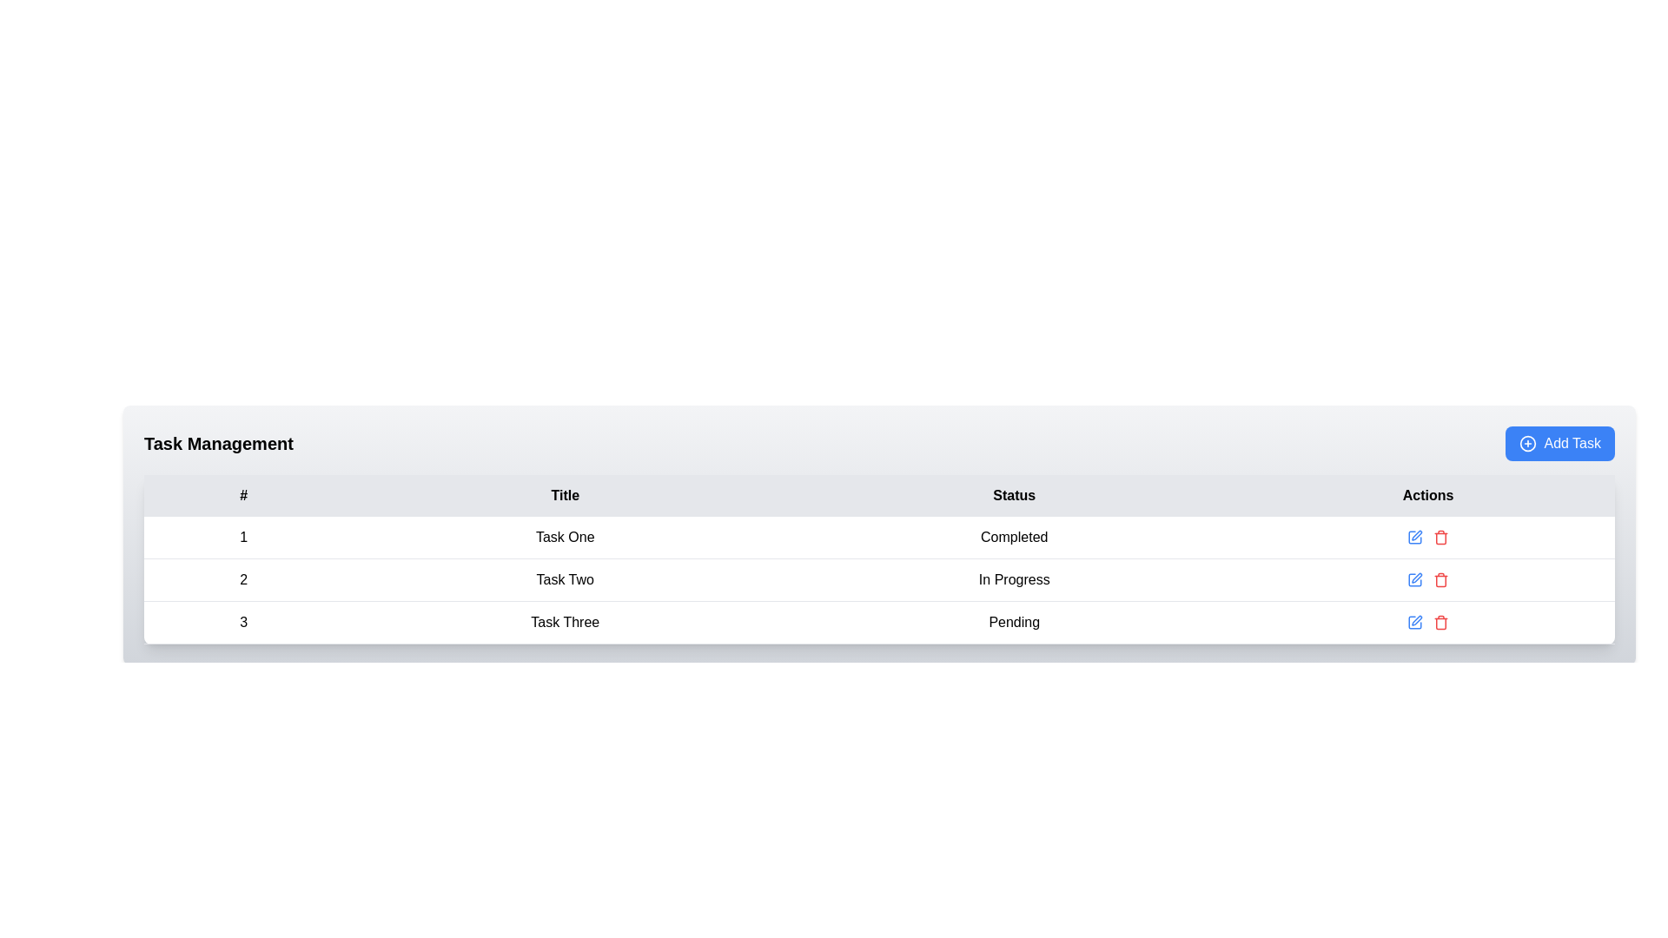 This screenshot has width=1668, height=938. Describe the element at coordinates (1527, 442) in the screenshot. I see `the icon inside the 'Add Task' button located at the top-right corner of the user interface` at that location.